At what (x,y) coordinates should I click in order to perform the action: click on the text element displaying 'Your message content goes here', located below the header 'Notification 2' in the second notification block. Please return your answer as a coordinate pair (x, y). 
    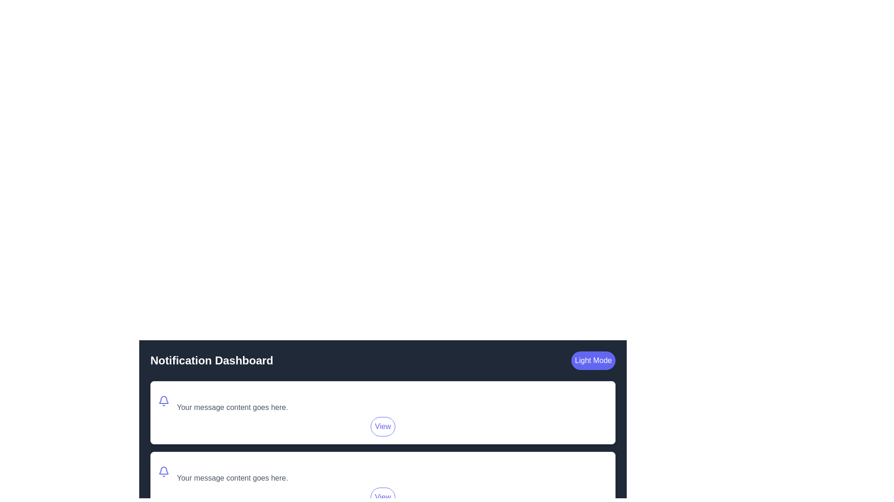
    Looking at the image, I should click on (232, 478).